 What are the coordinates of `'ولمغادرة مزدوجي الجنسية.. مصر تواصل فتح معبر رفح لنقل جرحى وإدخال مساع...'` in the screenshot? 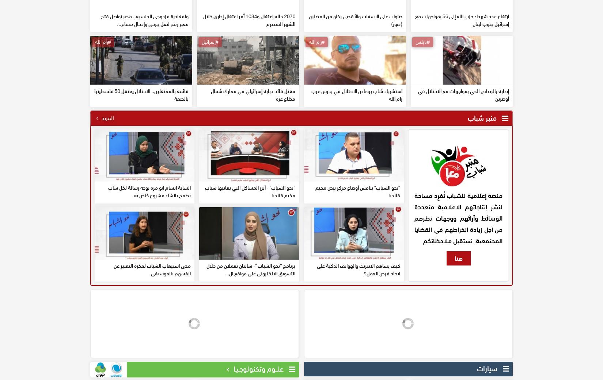 It's located at (144, 72).